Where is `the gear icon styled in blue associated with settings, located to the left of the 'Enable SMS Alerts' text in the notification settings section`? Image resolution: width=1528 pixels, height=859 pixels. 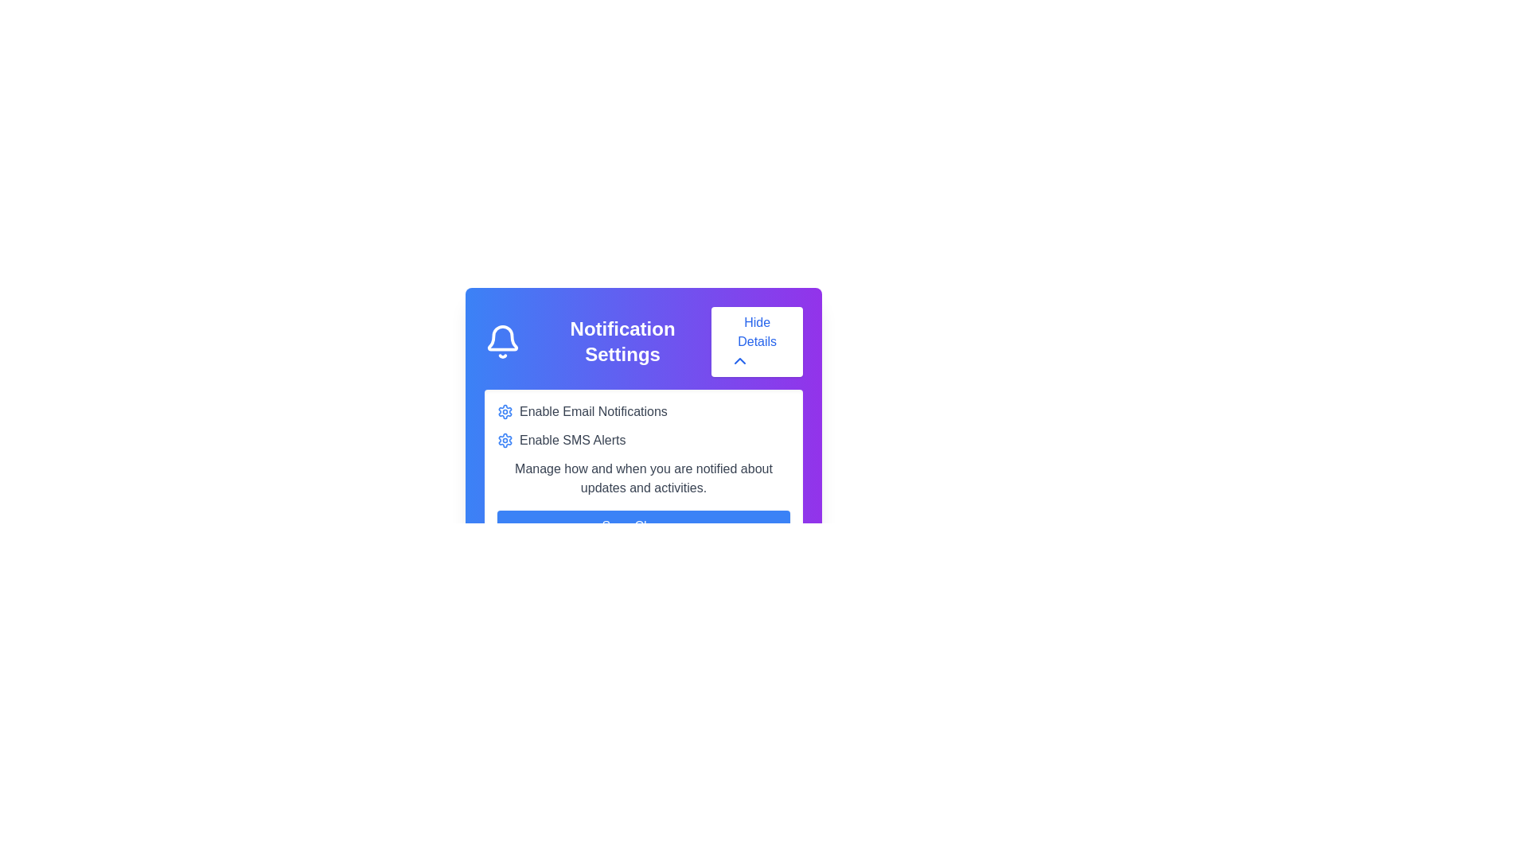 the gear icon styled in blue associated with settings, located to the left of the 'Enable SMS Alerts' text in the notification settings section is located at coordinates (504, 410).